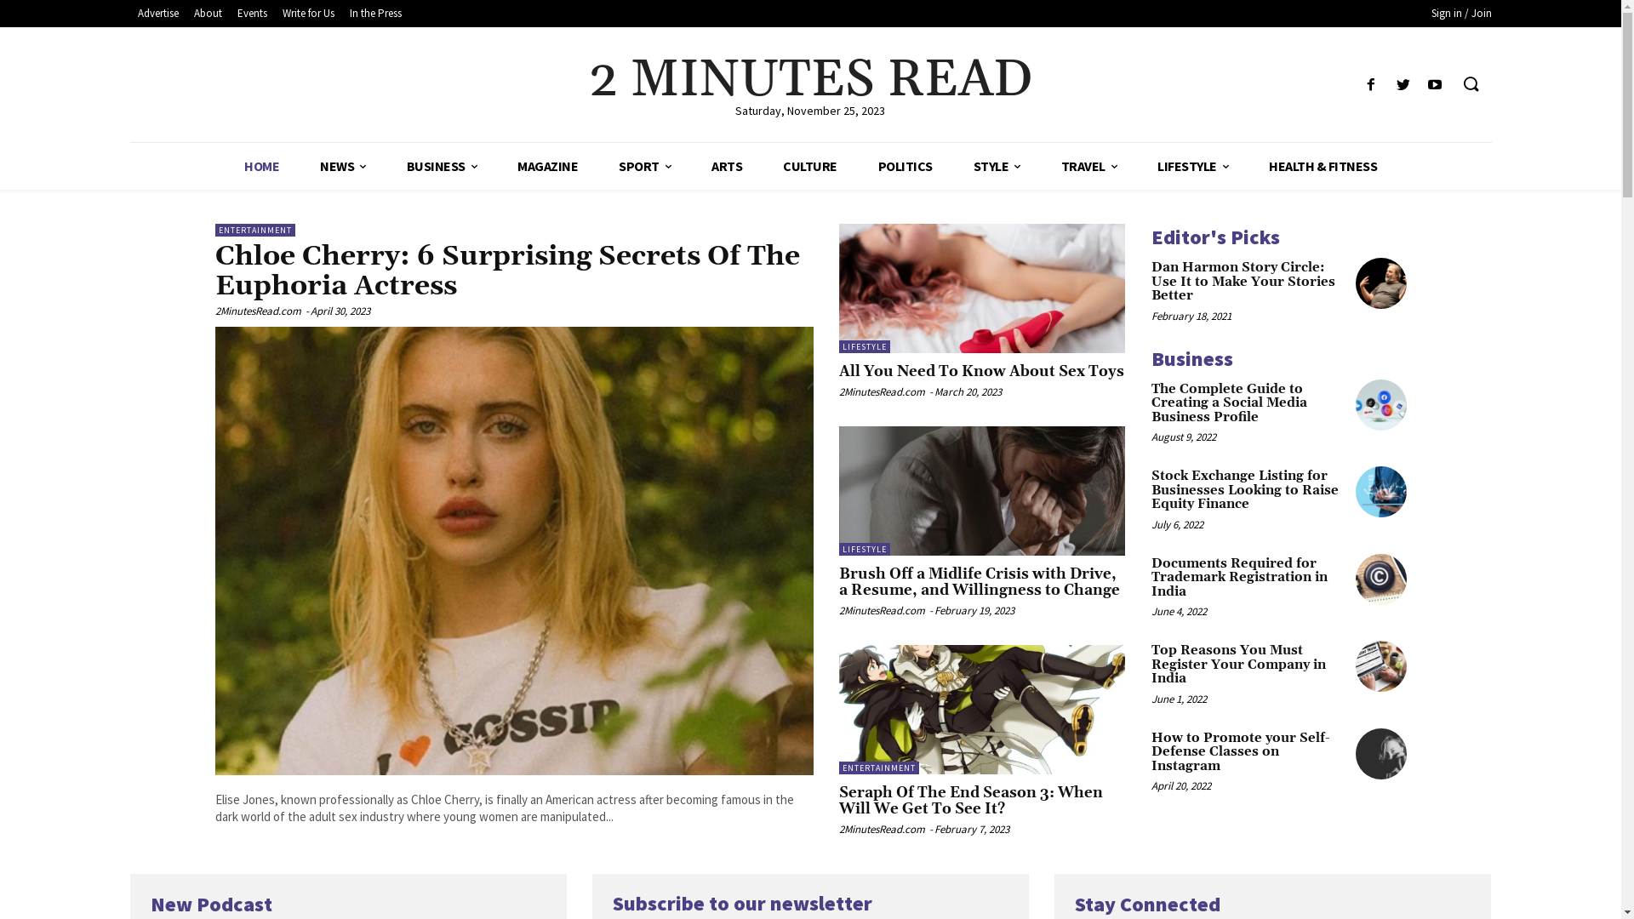 Image resolution: width=1634 pixels, height=919 pixels. What do you see at coordinates (1460, 13) in the screenshot?
I see `'Sign in / Join'` at bounding box center [1460, 13].